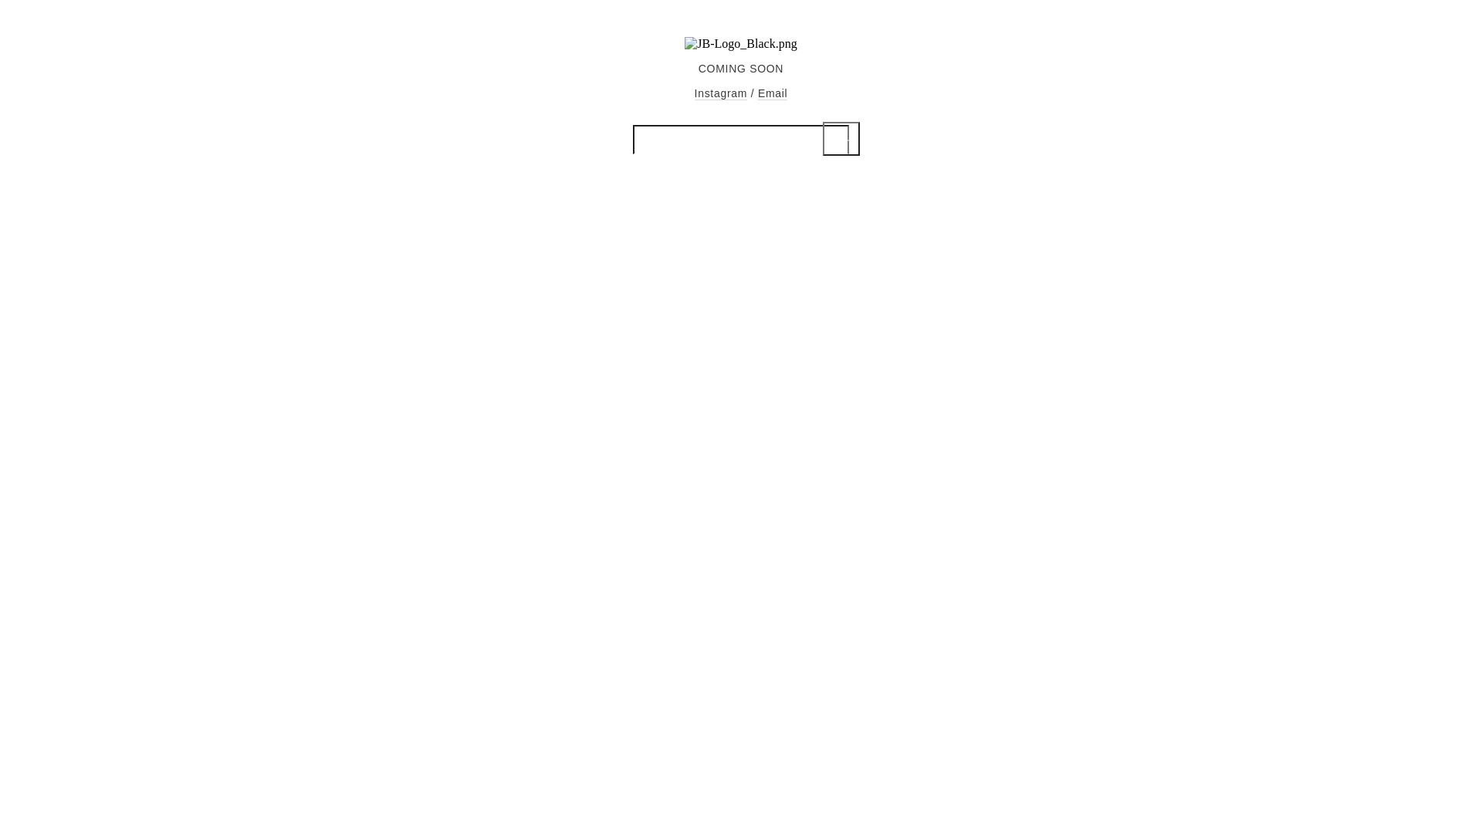 Image resolution: width=1482 pixels, height=833 pixels. Describe the element at coordinates (720, 93) in the screenshot. I see `'Instagram'` at that location.